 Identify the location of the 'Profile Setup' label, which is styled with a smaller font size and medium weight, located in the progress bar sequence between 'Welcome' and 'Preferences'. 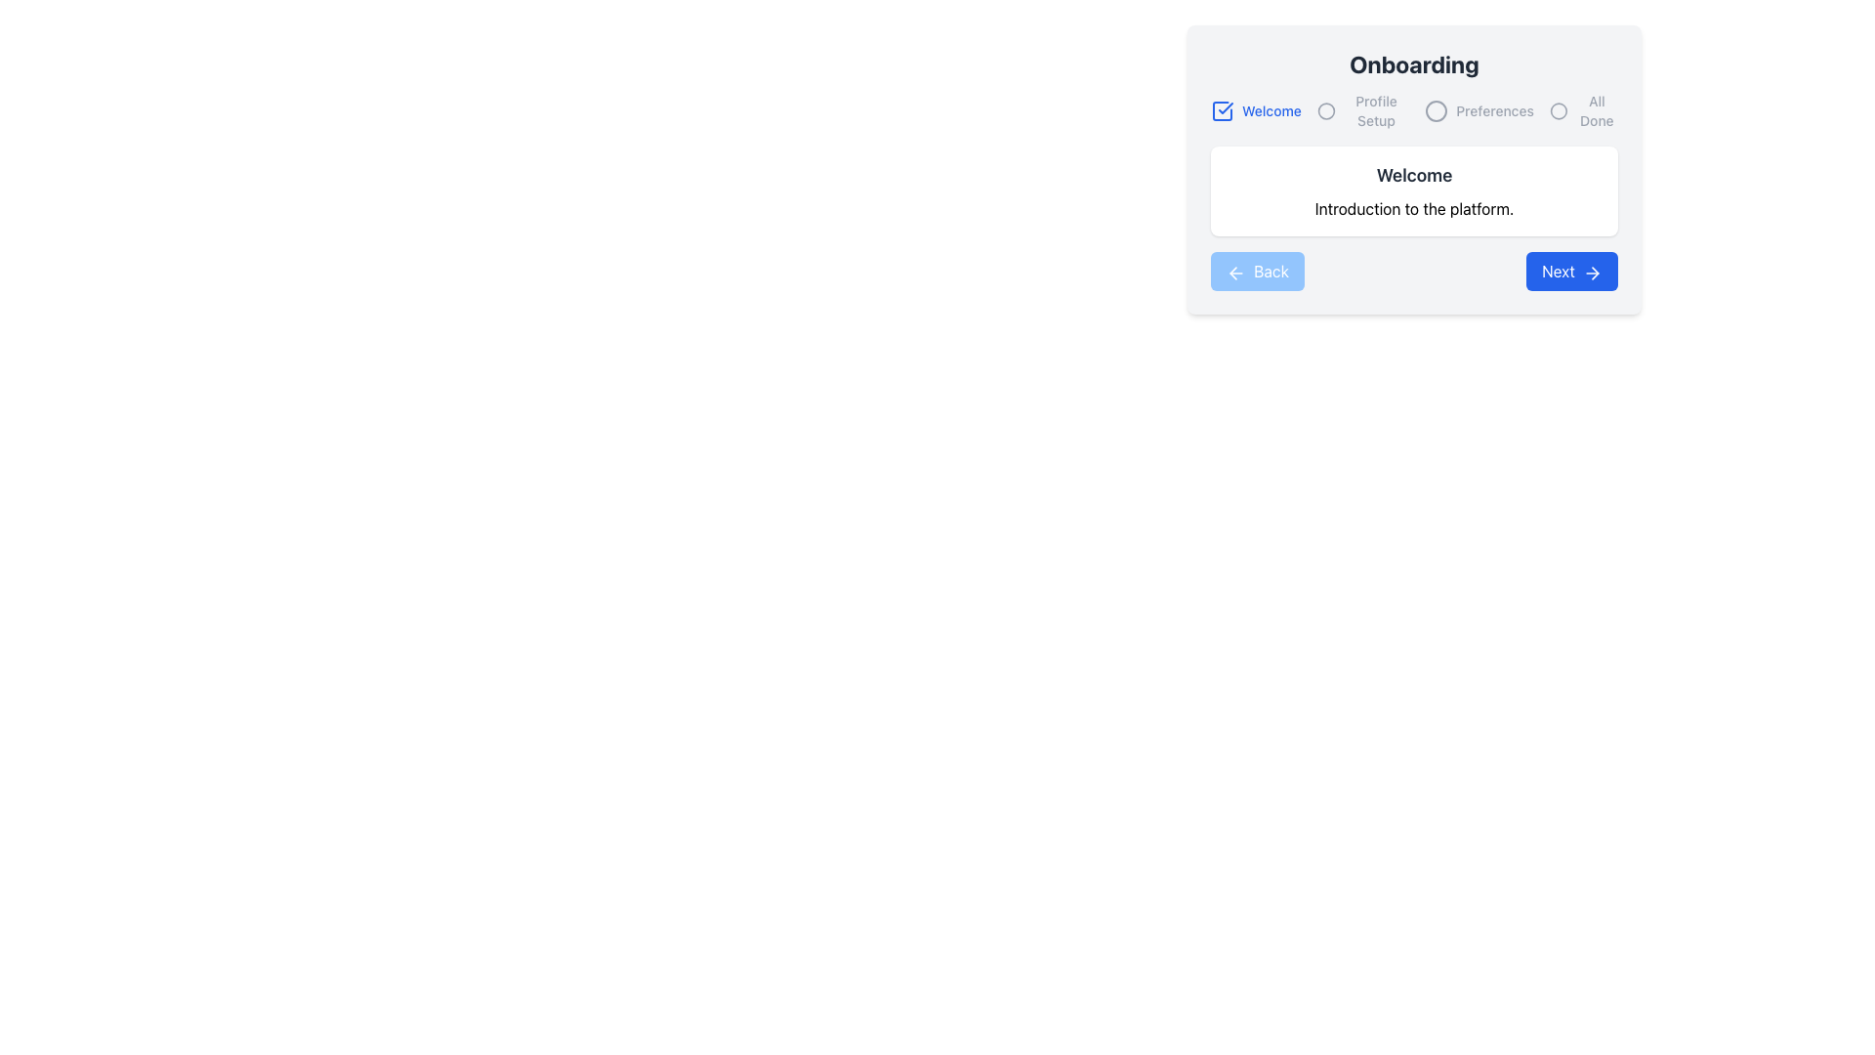
(1375, 111).